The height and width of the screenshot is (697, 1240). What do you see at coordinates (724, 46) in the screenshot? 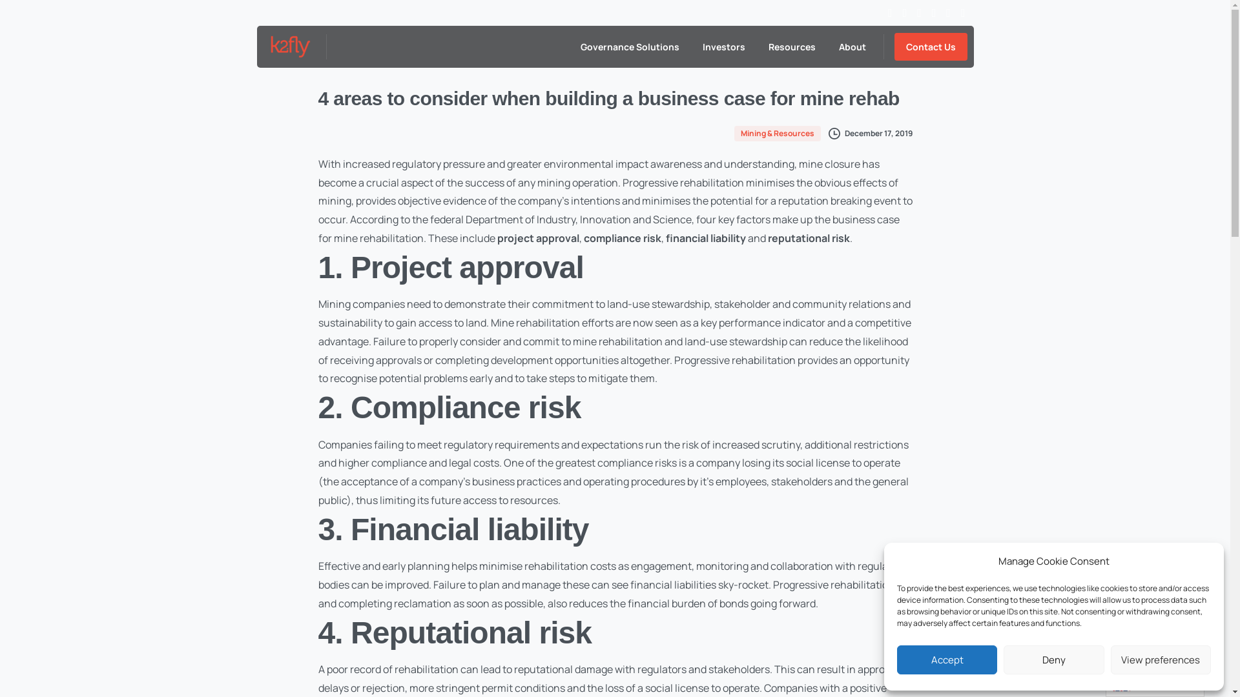
I see `'Investors'` at bounding box center [724, 46].